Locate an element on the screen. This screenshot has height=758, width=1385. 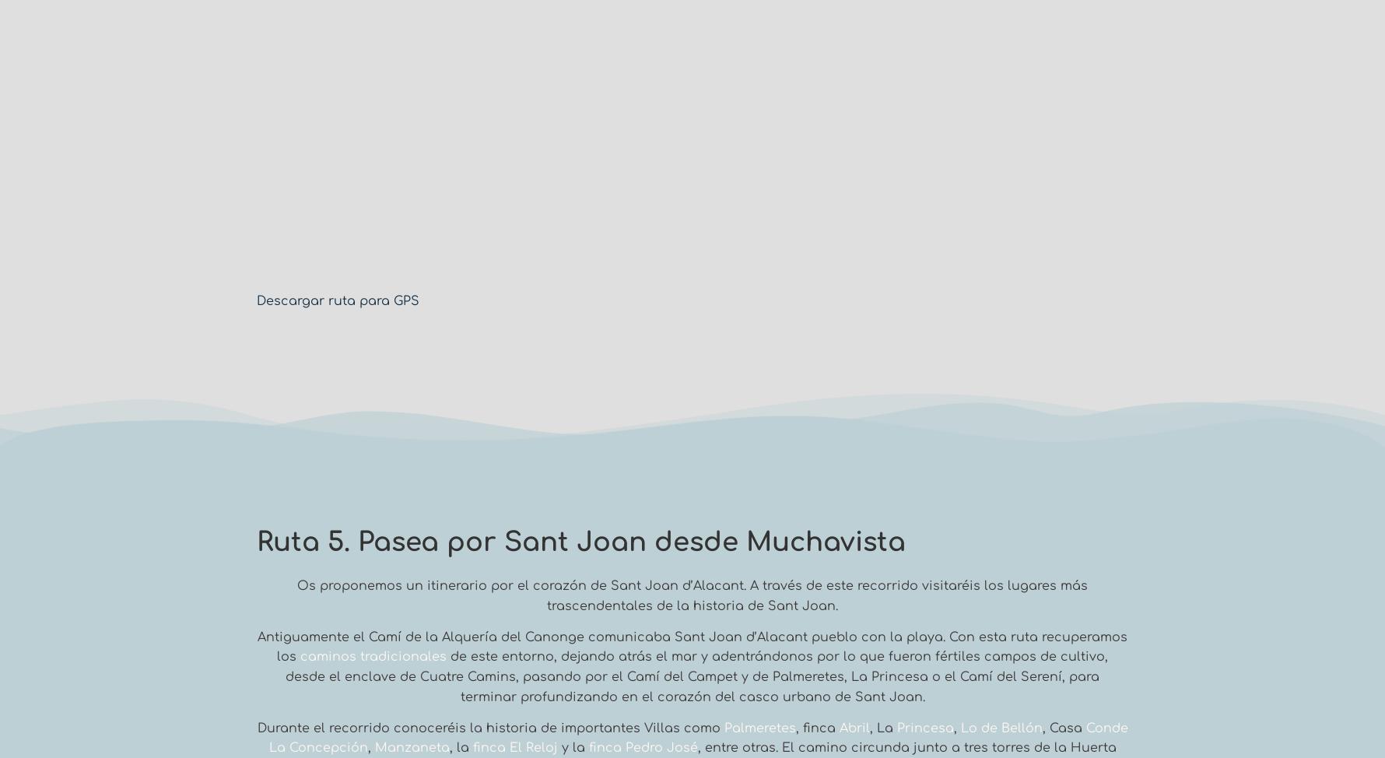
'de este entorno, dejando atrás el mar y adentrándonos por lo que fueron fértiles campos de cultivo, desde el enclave de Cuatre Camins, pasando por el Camí del Campet y de Palmeretes, La Princesa o el Camí del Serení, para terminar profundizando en el corazón del casco urbano de Sant Joan.' is located at coordinates (696, 676).